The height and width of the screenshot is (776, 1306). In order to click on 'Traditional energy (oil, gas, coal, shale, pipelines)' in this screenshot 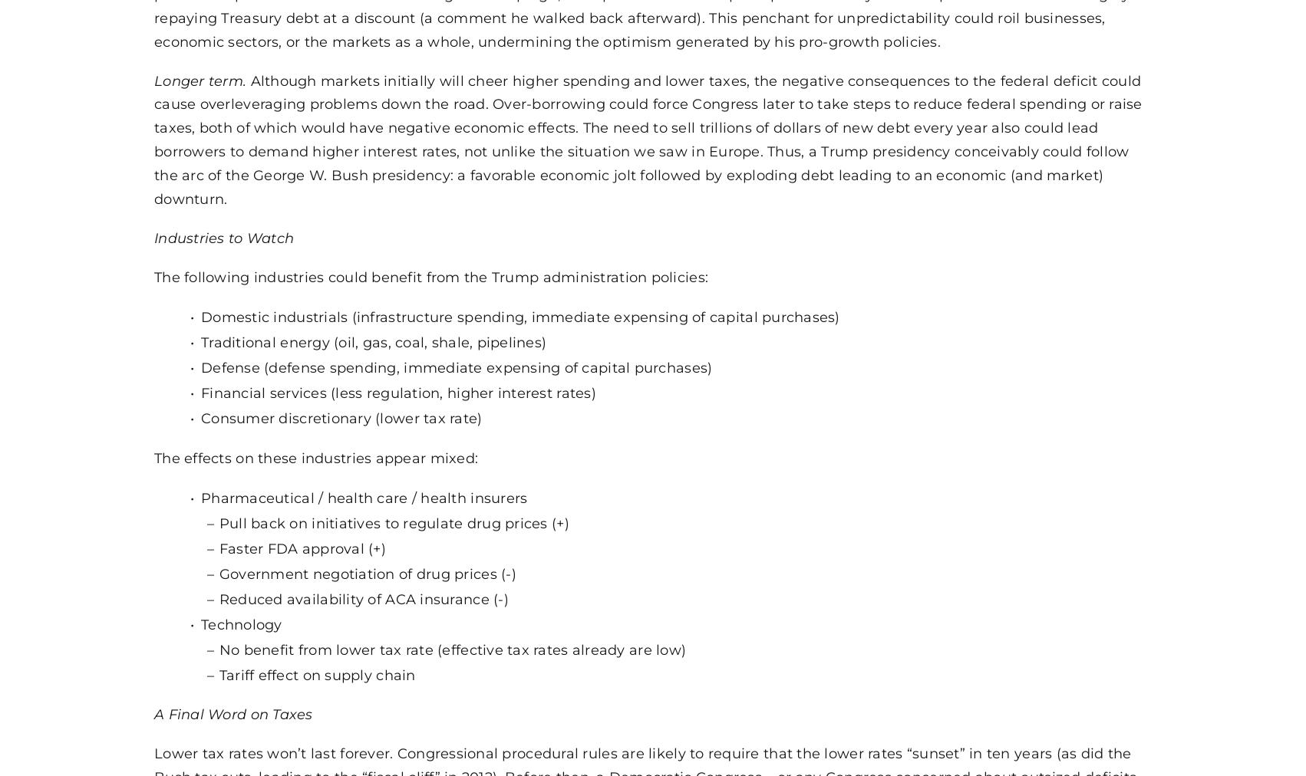, I will do `click(372, 341)`.